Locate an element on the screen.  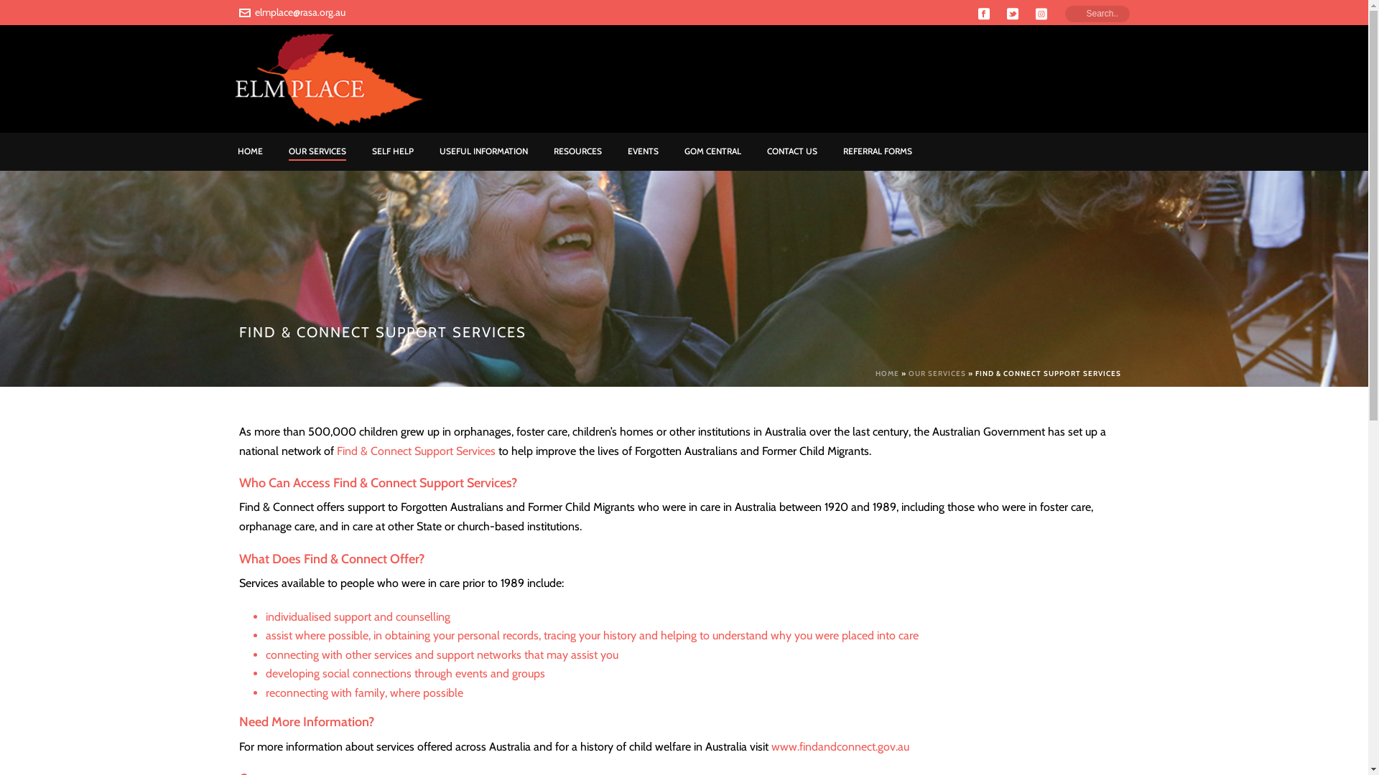
'Elm Place' is located at coordinates (322, 79).